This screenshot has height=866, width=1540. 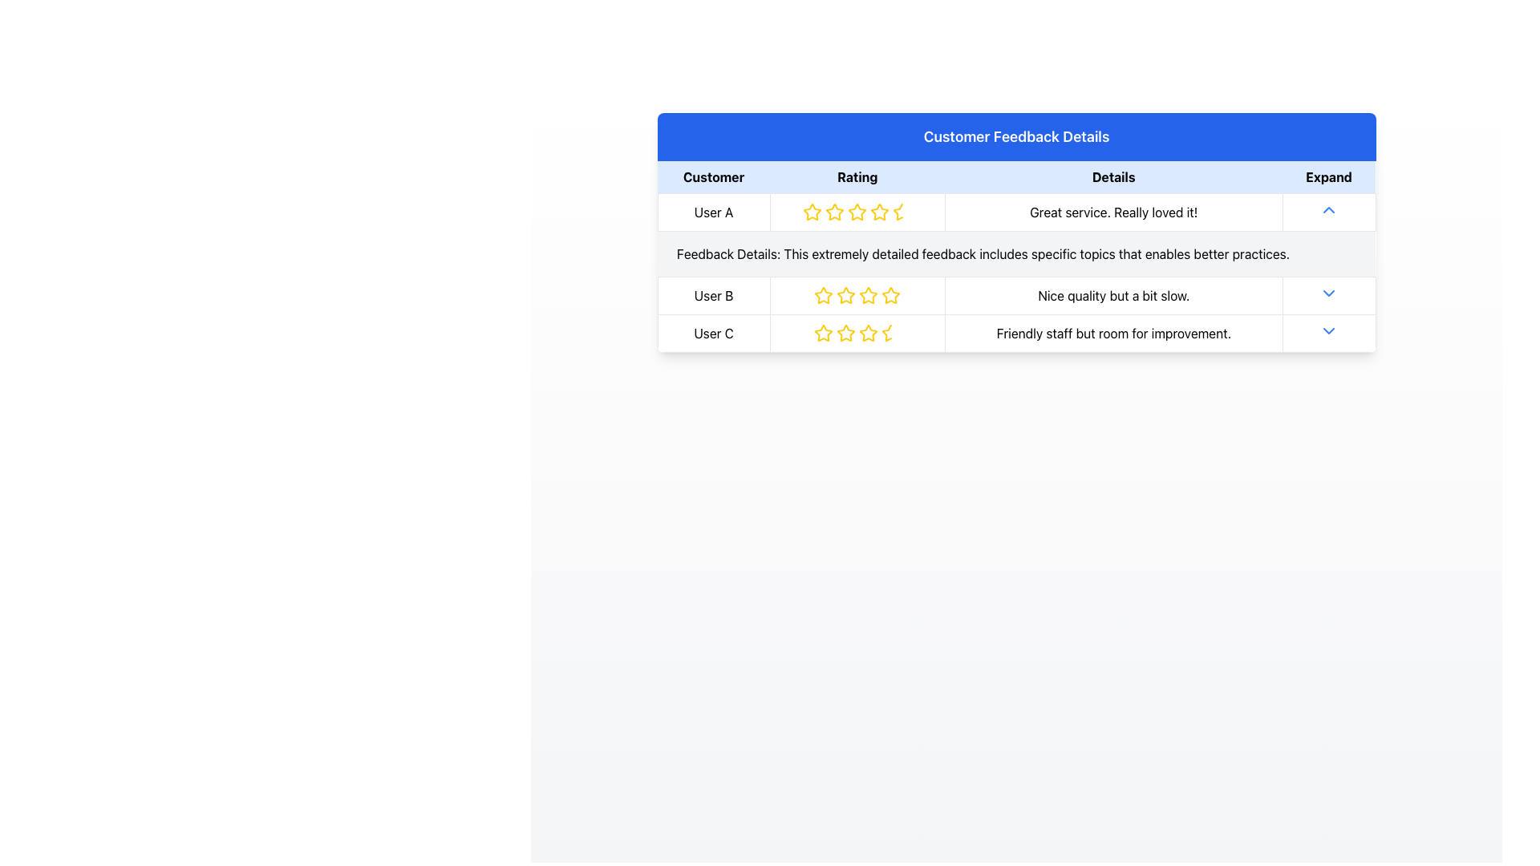 I want to click on the second star icon in the rating component of the 'User A' row in the 'Customer Feedback Details' table, so click(x=857, y=210).